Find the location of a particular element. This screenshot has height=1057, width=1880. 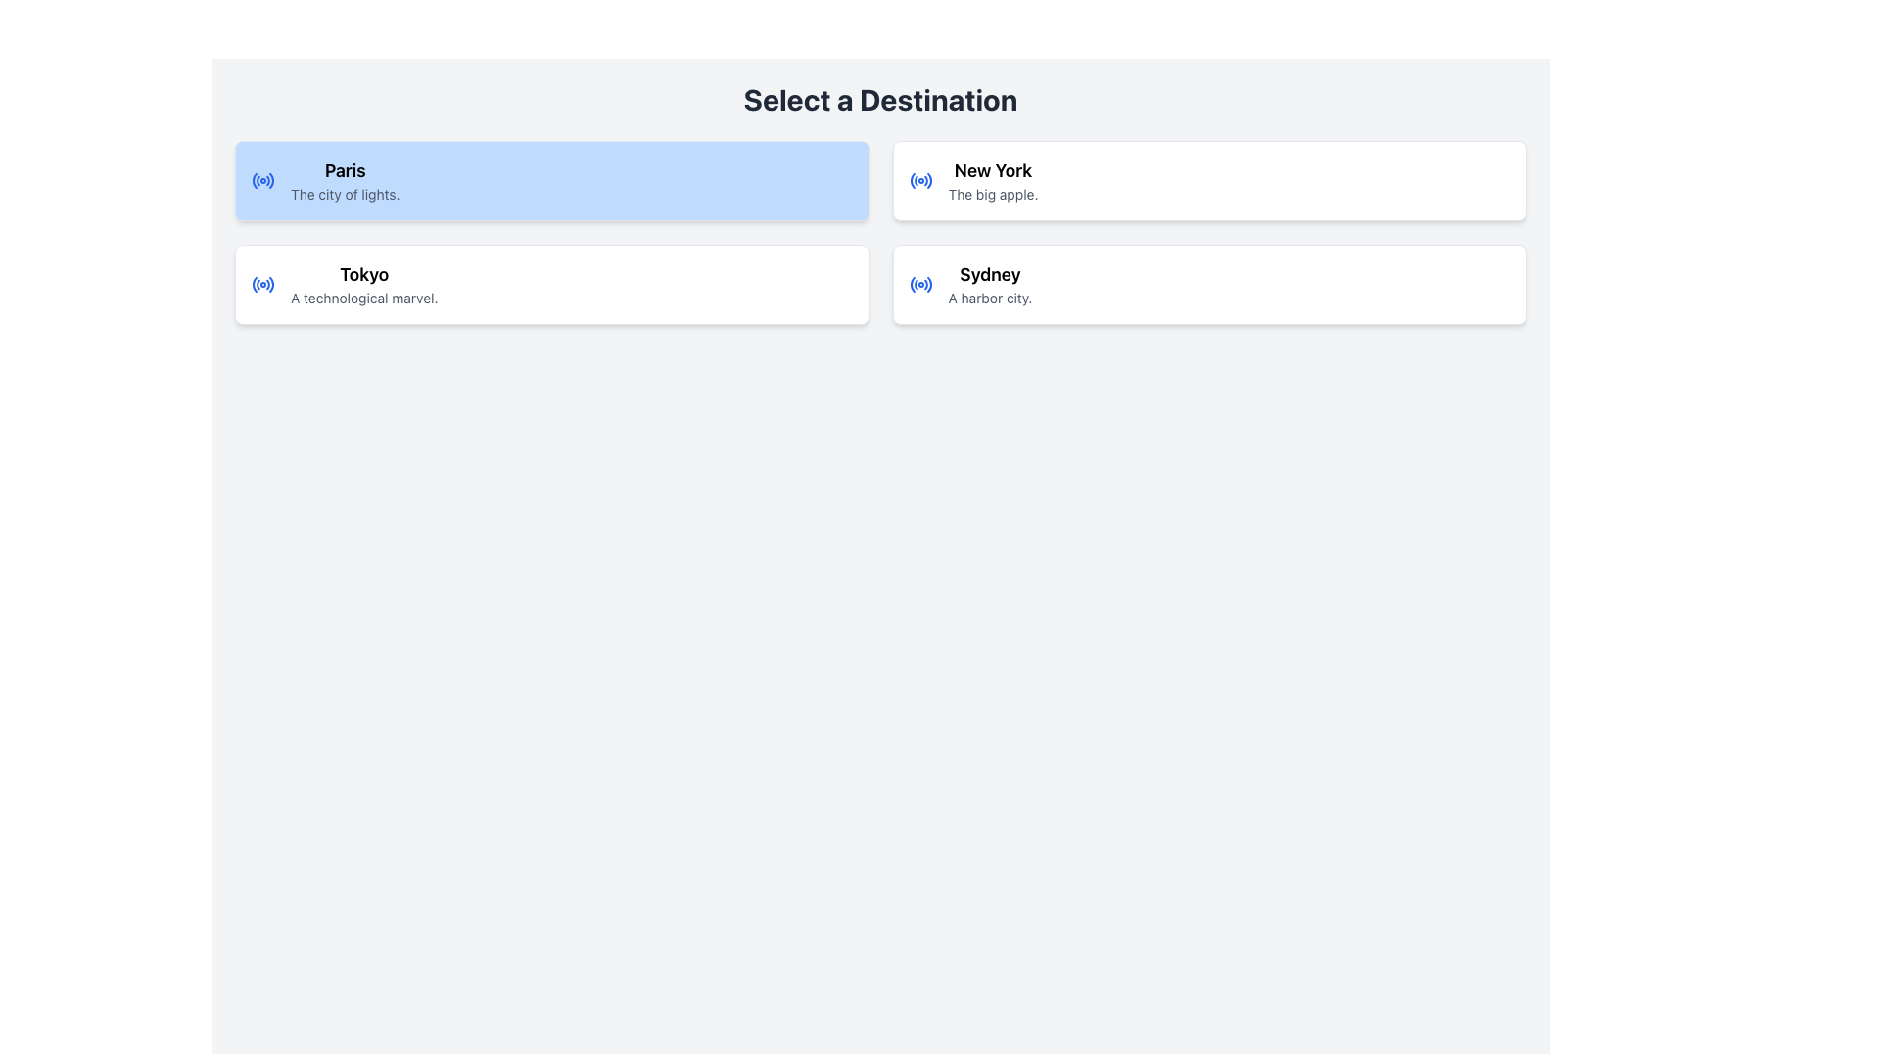

the text element that reads 'A technological marvel.' which is styled in gray and located beneath the bold 'Tokyo' text is located at coordinates (364, 298).